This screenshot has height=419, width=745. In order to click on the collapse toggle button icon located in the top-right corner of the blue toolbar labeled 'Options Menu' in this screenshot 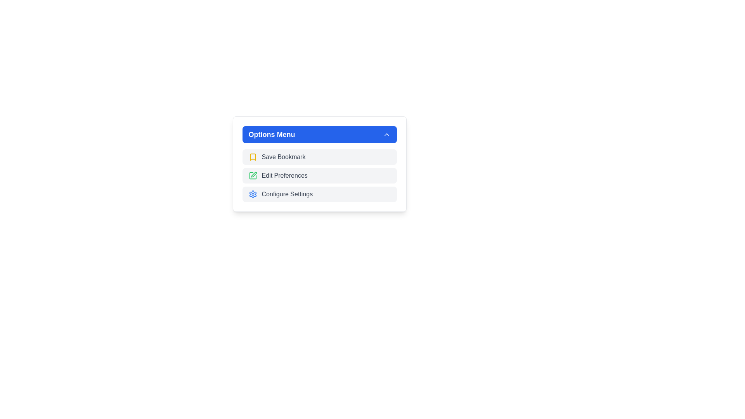, I will do `click(386, 134)`.